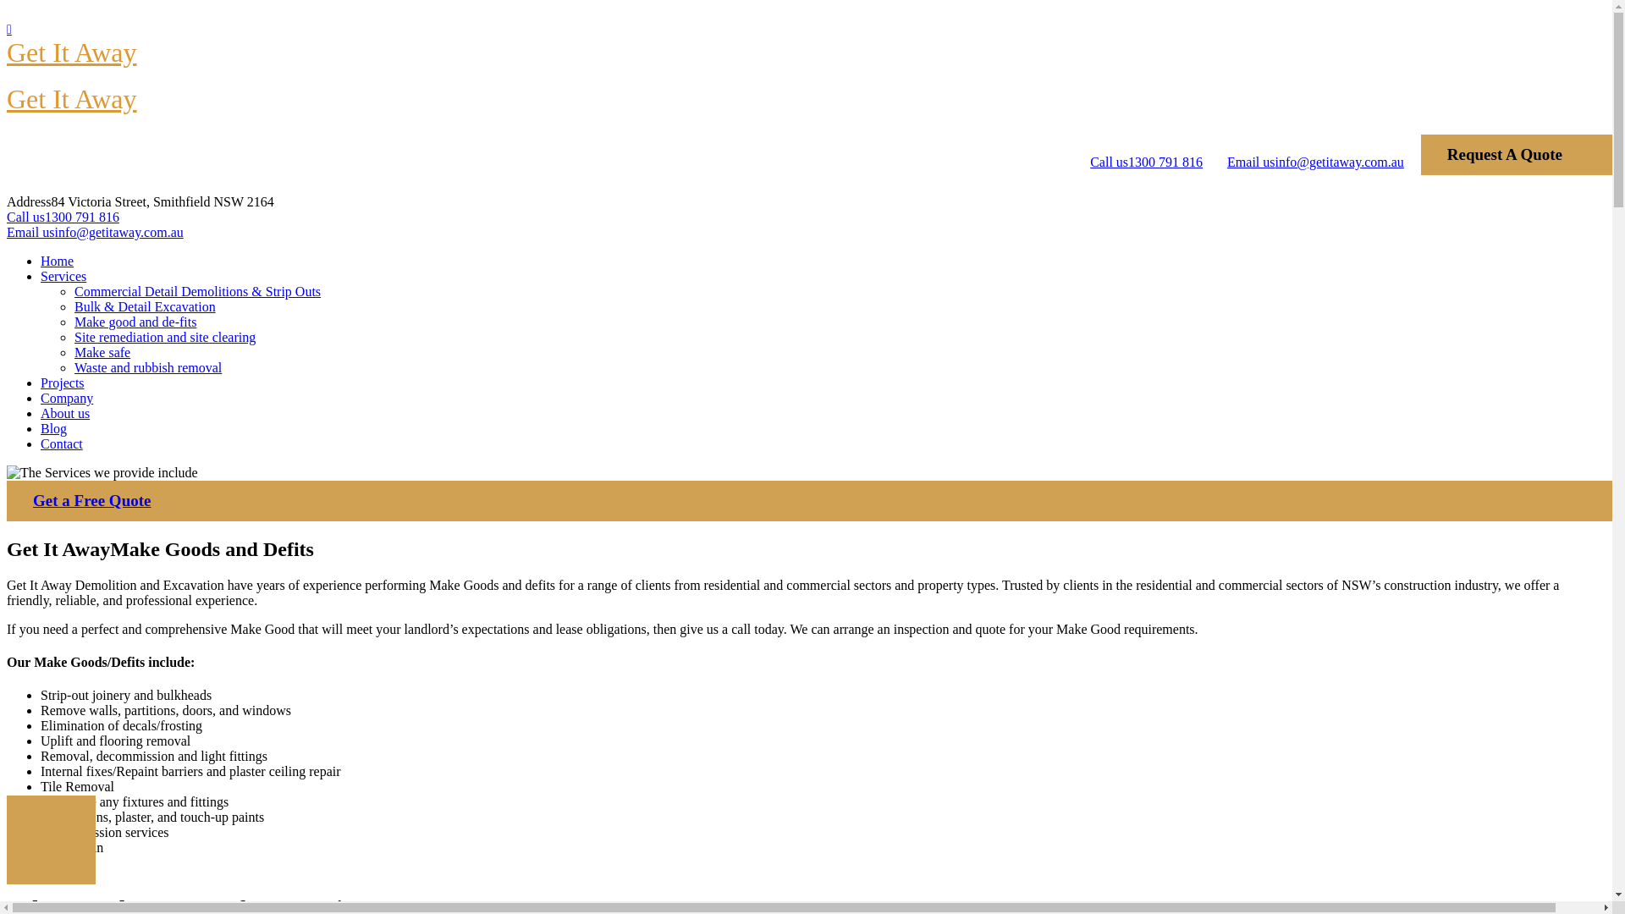  What do you see at coordinates (70, 98) in the screenshot?
I see `'Get It Away'` at bounding box center [70, 98].